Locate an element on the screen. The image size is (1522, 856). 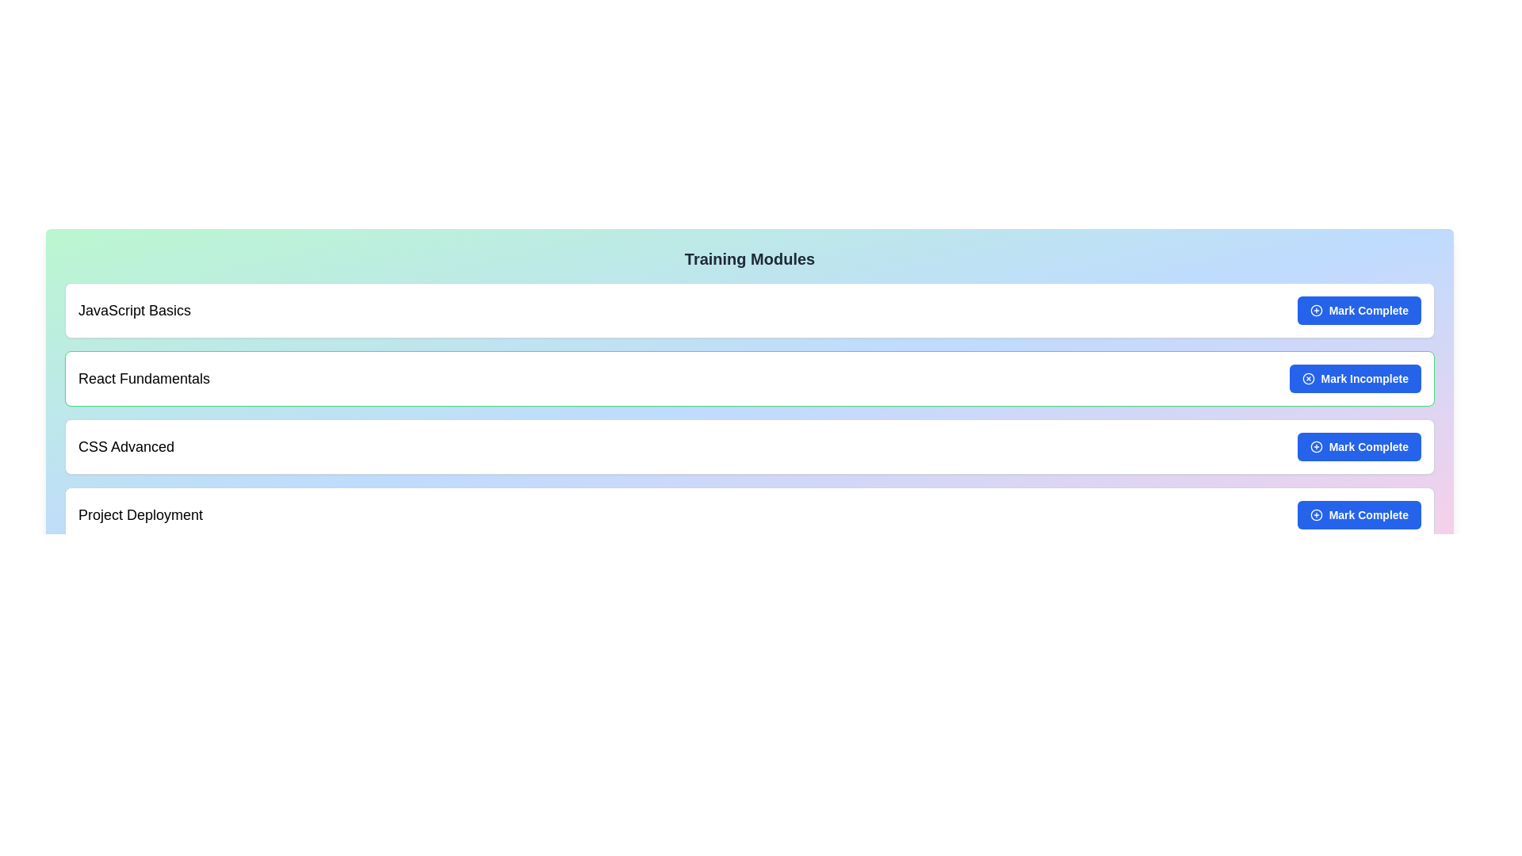
the module named 'React Fundamentals' which is represented as a horizontal bar with a green border and contains the button 'Mark Incomplete' is located at coordinates (748, 379).